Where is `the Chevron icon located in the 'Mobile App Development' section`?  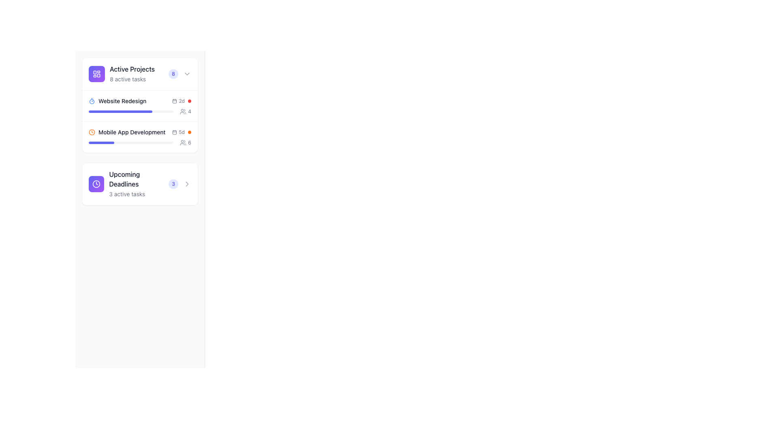
the Chevron icon located in the 'Mobile App Development' section is located at coordinates (186, 184).